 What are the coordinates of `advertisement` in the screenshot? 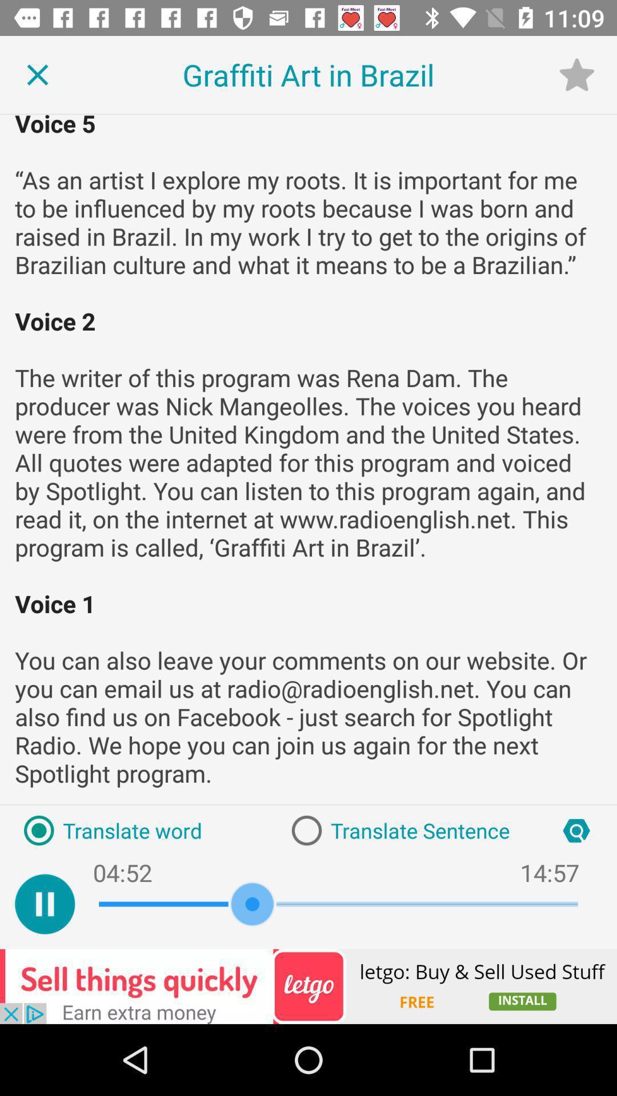 It's located at (308, 986).